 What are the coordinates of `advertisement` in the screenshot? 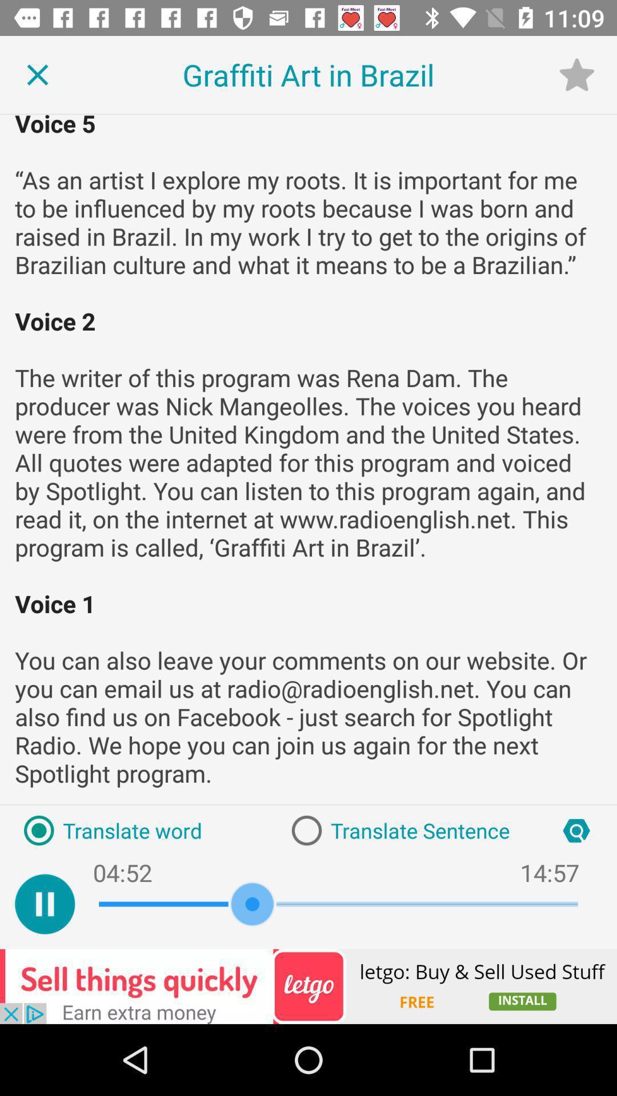 It's located at (308, 986).